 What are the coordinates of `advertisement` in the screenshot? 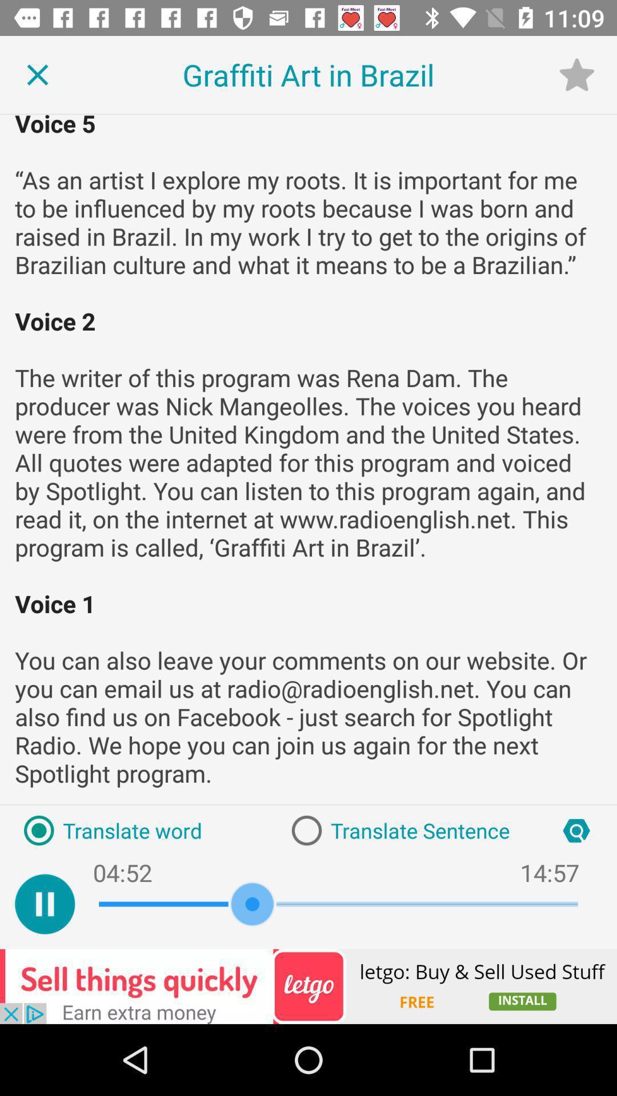 It's located at (308, 986).